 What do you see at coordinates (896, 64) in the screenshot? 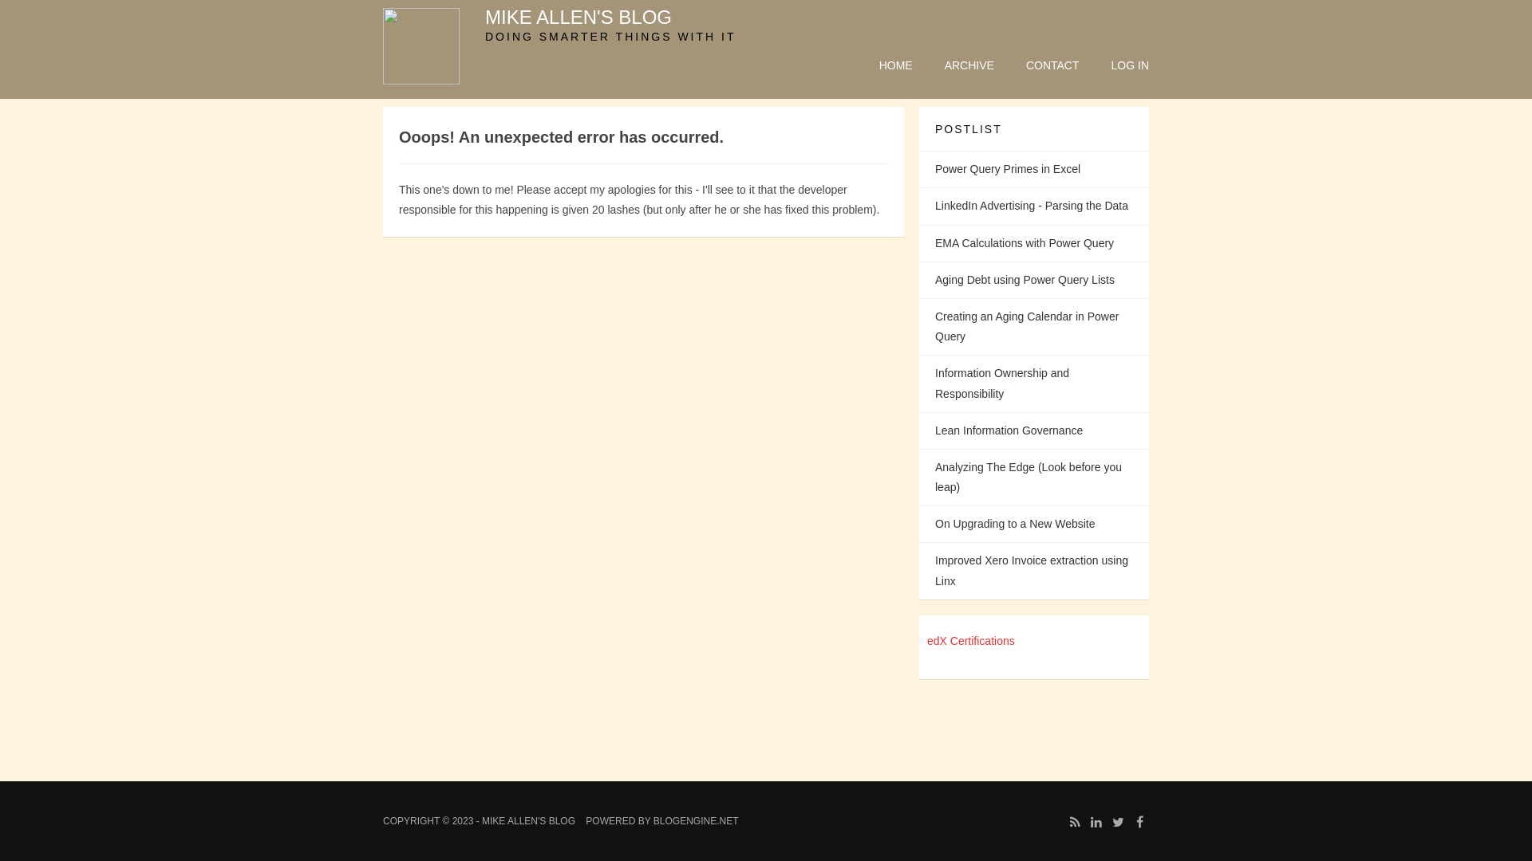
I see `'HOME'` at bounding box center [896, 64].